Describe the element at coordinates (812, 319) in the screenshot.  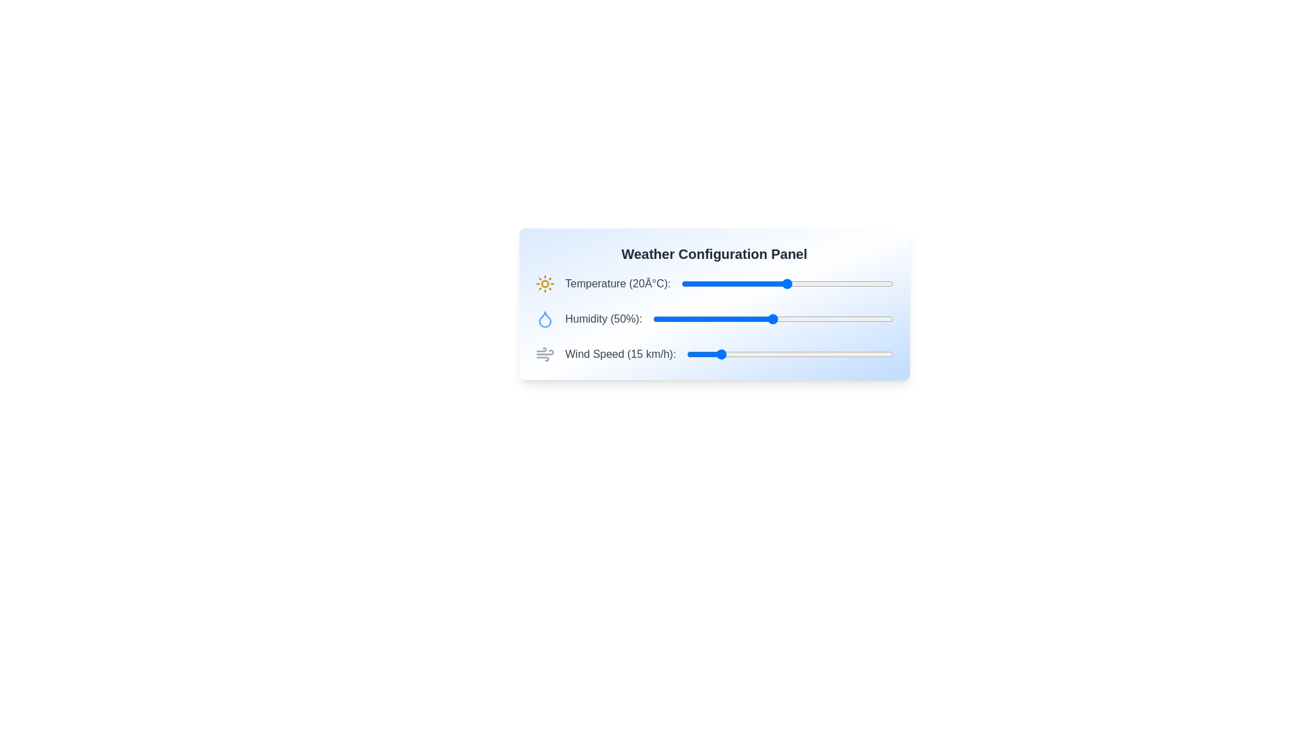
I see `the humidity slider to 66%` at that location.